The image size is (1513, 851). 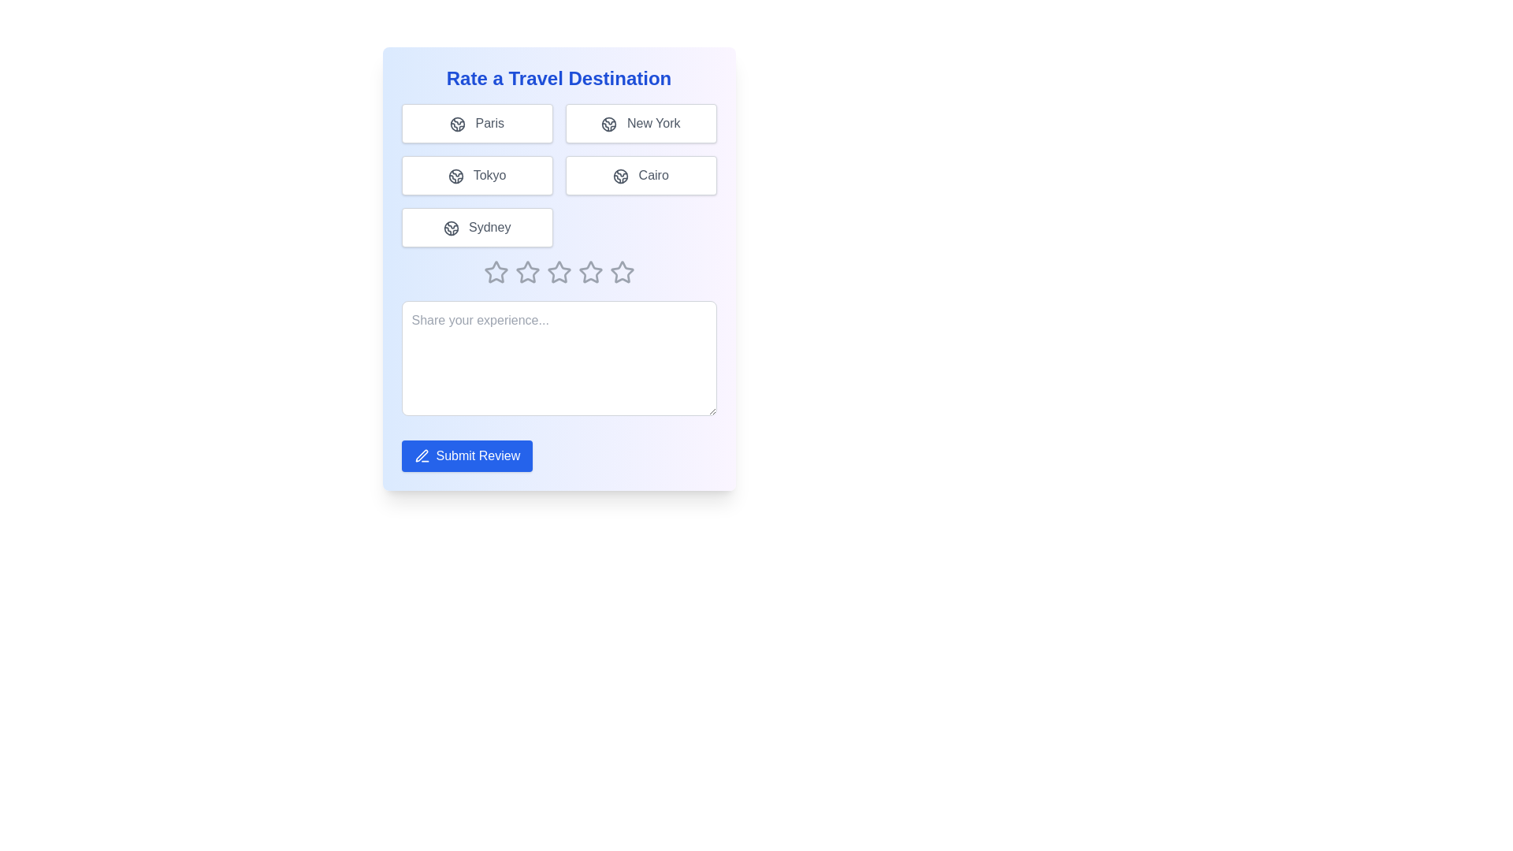 What do you see at coordinates (608, 123) in the screenshot?
I see `the circular graphical component within the 'New York' option button in the 'Rate a Travel Destination' section, which is part of an interactive icon` at bounding box center [608, 123].